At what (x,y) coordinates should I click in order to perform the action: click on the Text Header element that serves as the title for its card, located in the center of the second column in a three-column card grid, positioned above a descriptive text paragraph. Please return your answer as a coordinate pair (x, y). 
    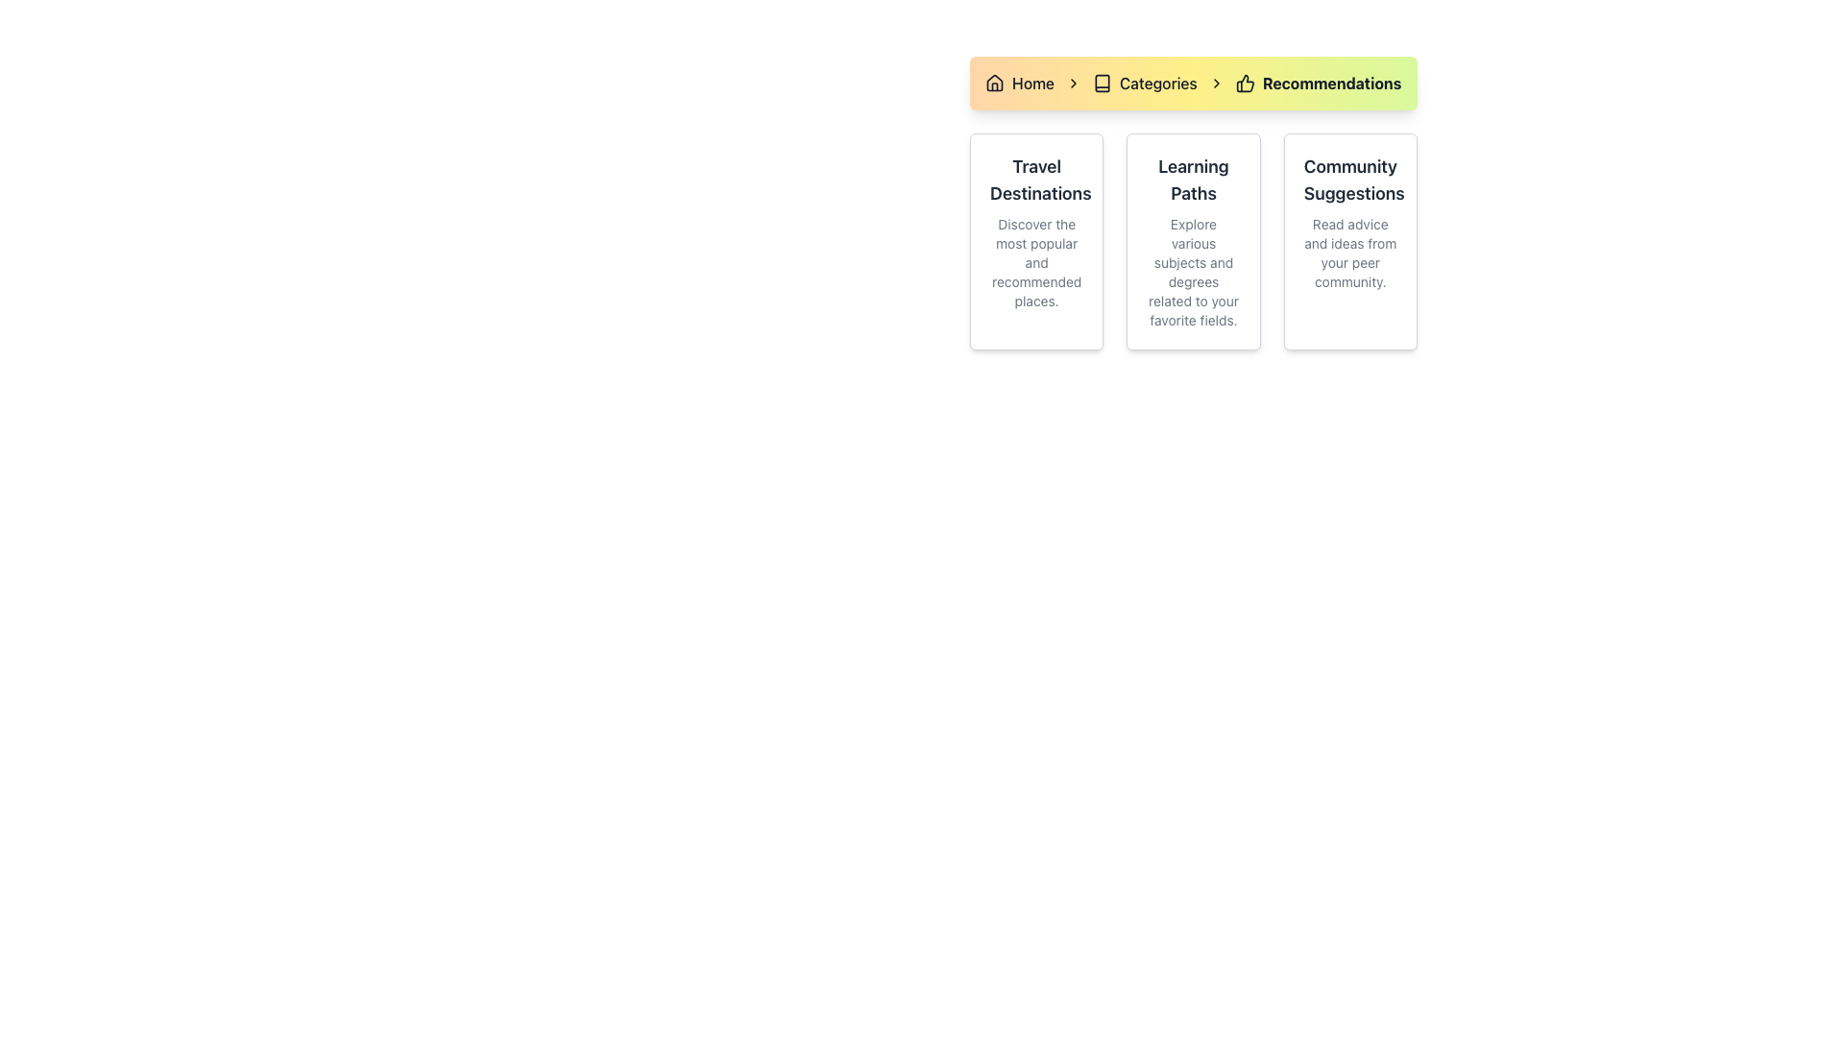
    Looking at the image, I should click on (1193, 181).